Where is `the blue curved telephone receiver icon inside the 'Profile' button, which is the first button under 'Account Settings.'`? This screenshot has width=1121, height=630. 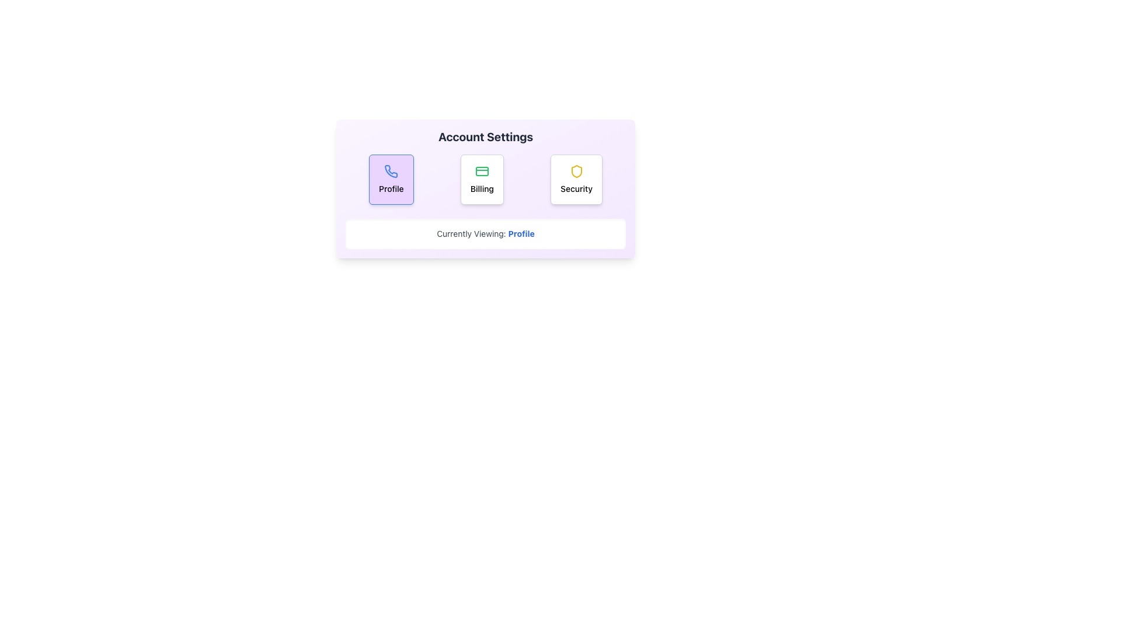 the blue curved telephone receiver icon inside the 'Profile' button, which is the first button under 'Account Settings.' is located at coordinates (391, 171).